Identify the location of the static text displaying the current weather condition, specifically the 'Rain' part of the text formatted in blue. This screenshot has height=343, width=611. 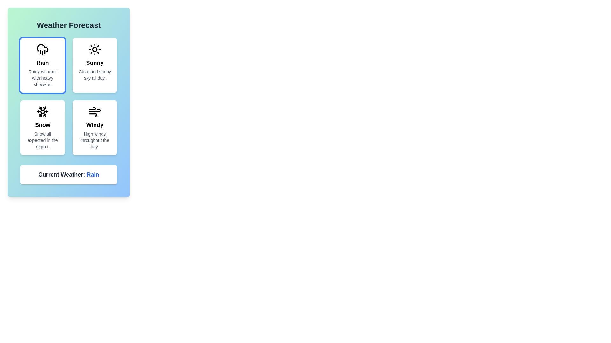
(92, 175).